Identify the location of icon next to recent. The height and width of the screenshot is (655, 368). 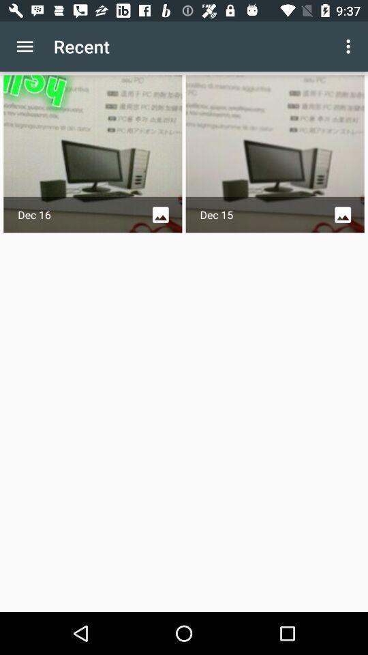
(350, 46).